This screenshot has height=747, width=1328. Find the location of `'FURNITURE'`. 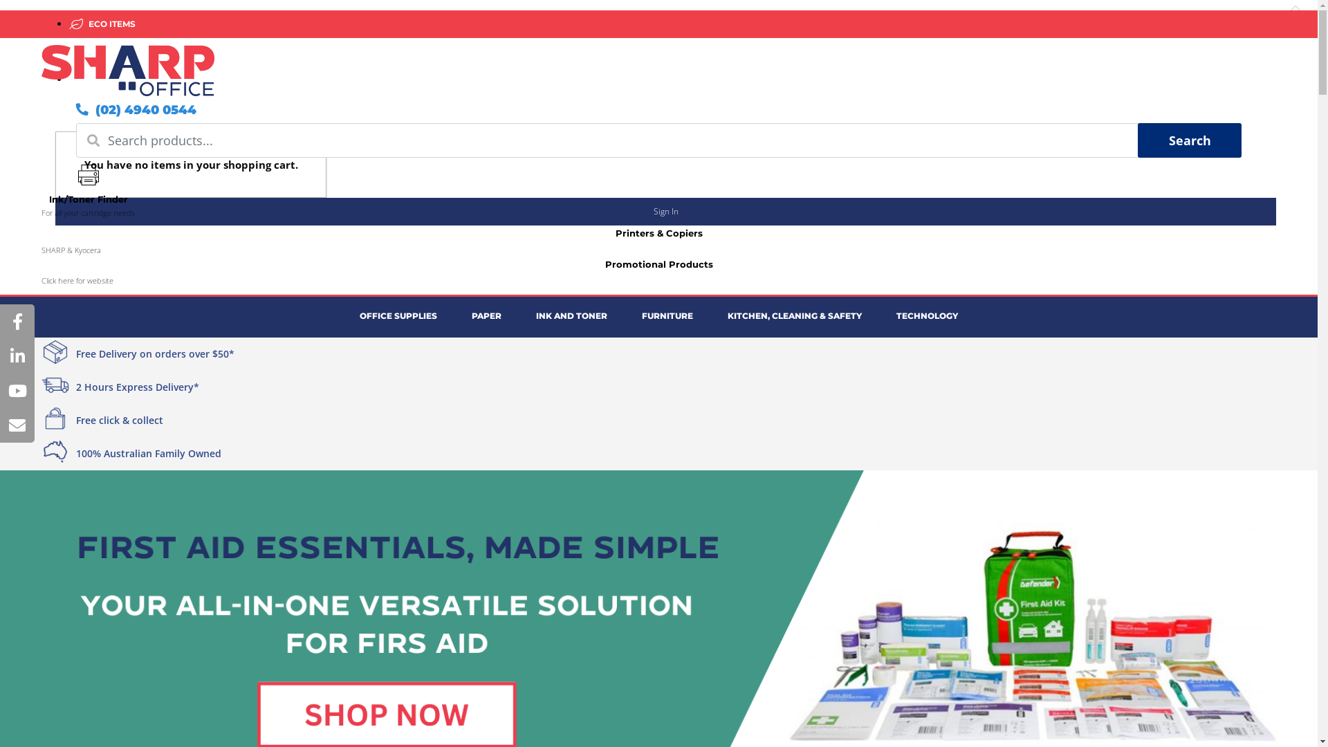

'FURNITURE' is located at coordinates (667, 315).